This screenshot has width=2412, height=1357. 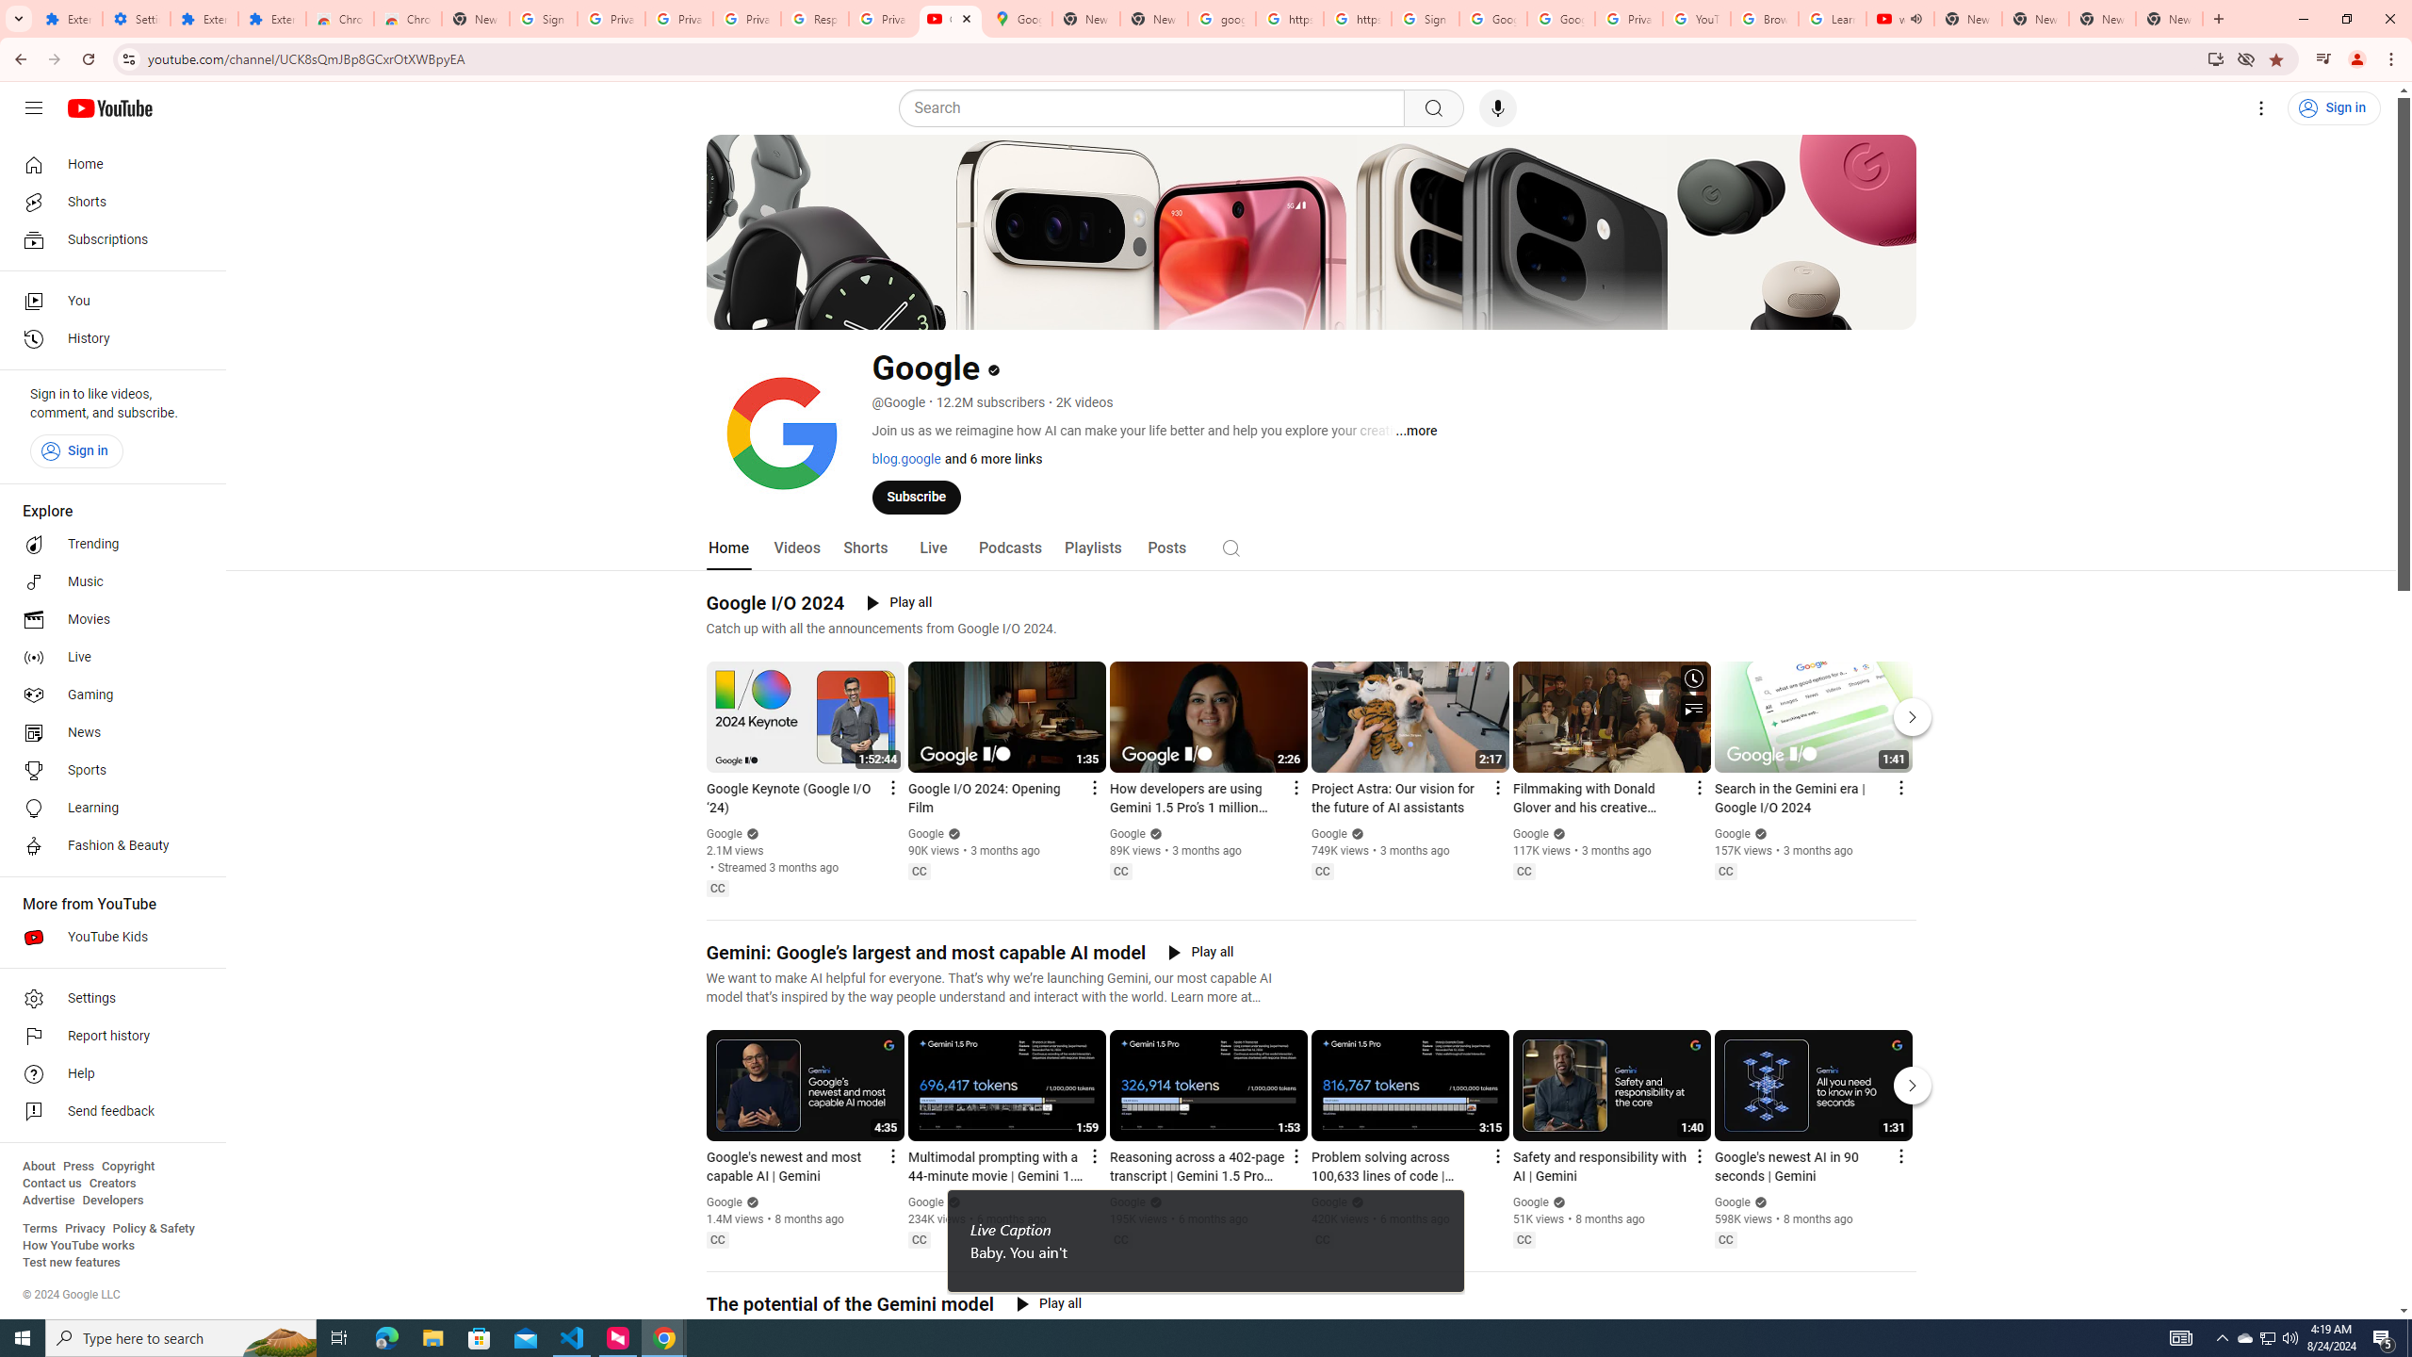 I want to click on 'About', so click(x=38, y=1166).